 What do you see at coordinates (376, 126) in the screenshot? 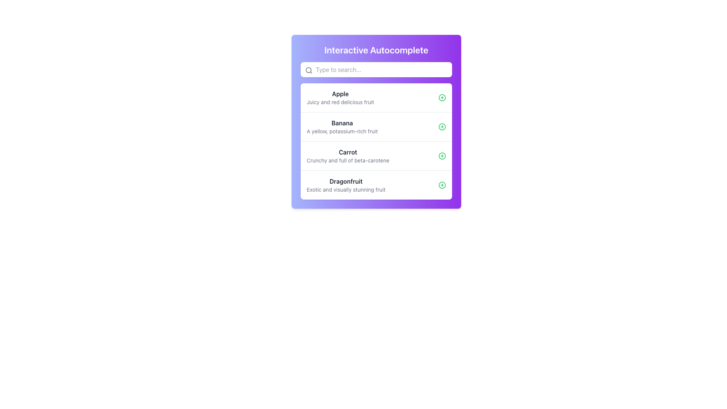
I see `the second list item in the 'Interactive Autocomplete' section, which contains a title, description, and a plus icon` at bounding box center [376, 126].